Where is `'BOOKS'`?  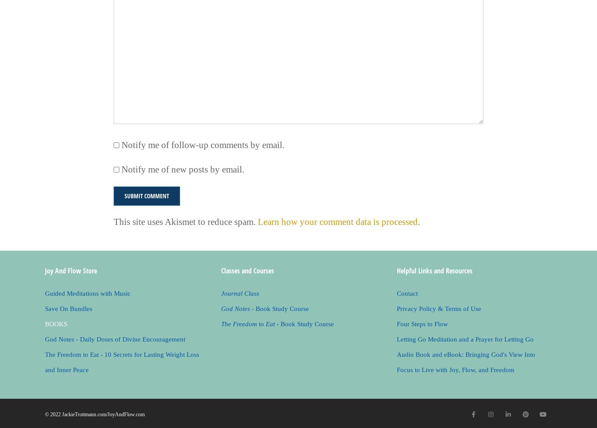
'BOOKS' is located at coordinates (45, 324).